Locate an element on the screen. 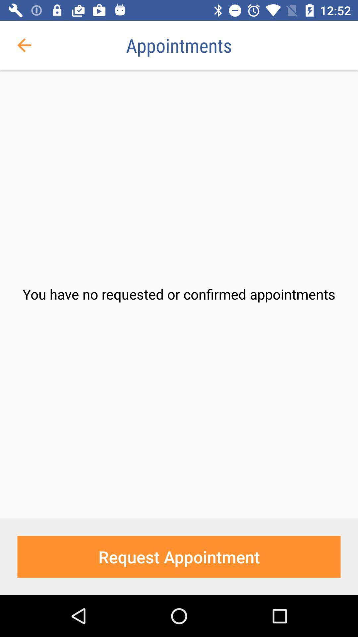 This screenshot has width=358, height=637. the icon at the top left corner is located at coordinates (24, 45).